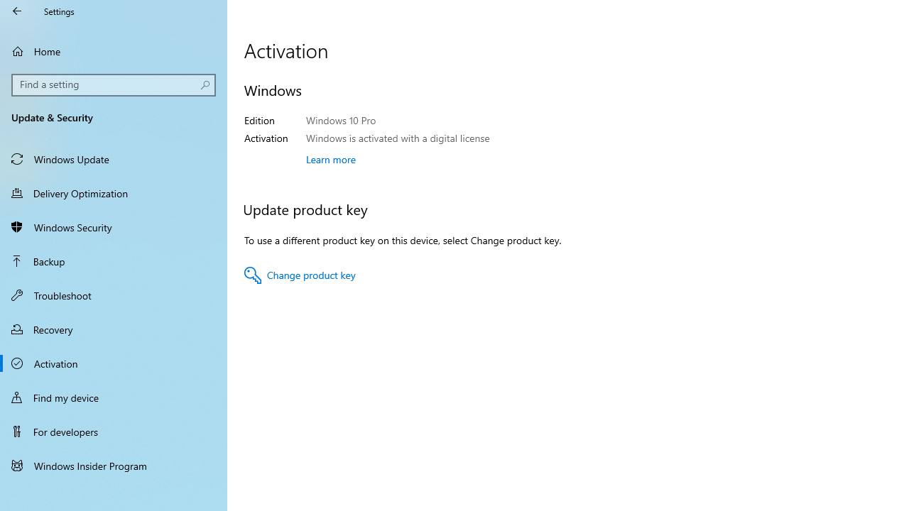 This screenshot has width=909, height=511. I want to click on 'Activation', so click(114, 362).